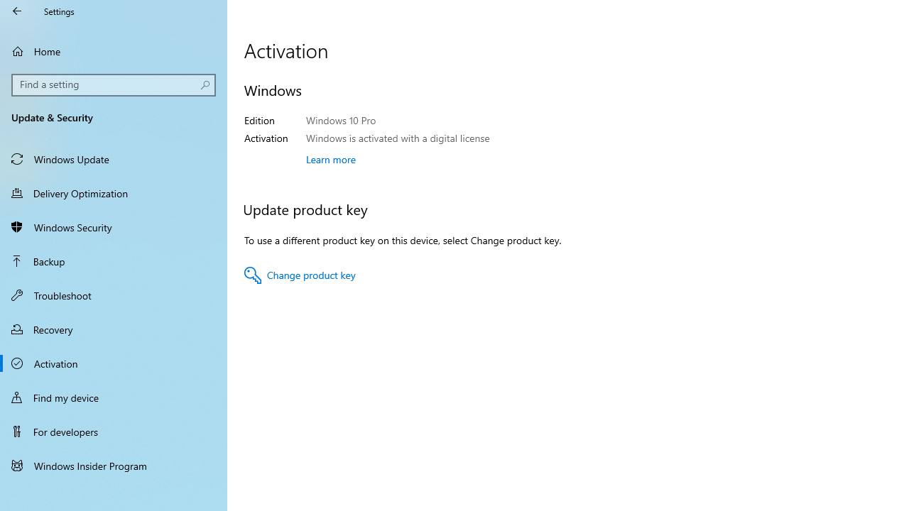 This screenshot has width=909, height=511. I want to click on 'Activation', so click(114, 362).